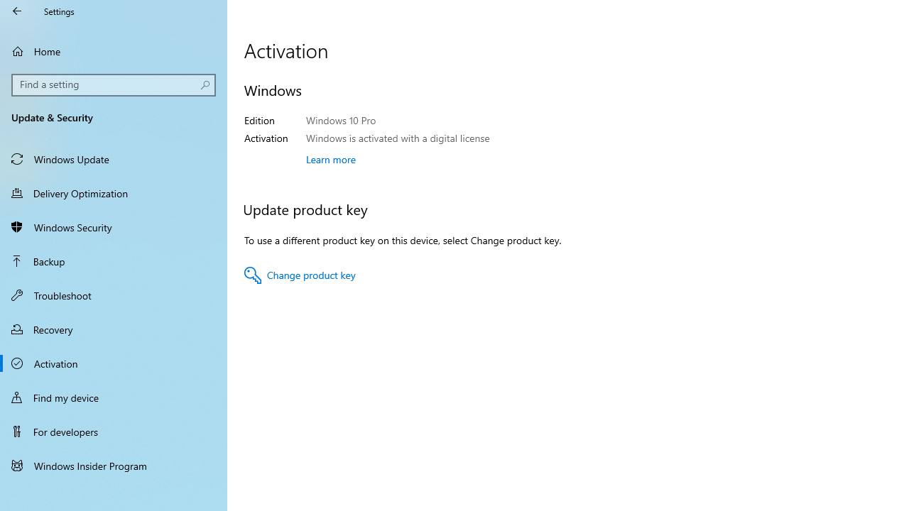 This screenshot has width=909, height=511. I want to click on 'Activation', so click(114, 362).